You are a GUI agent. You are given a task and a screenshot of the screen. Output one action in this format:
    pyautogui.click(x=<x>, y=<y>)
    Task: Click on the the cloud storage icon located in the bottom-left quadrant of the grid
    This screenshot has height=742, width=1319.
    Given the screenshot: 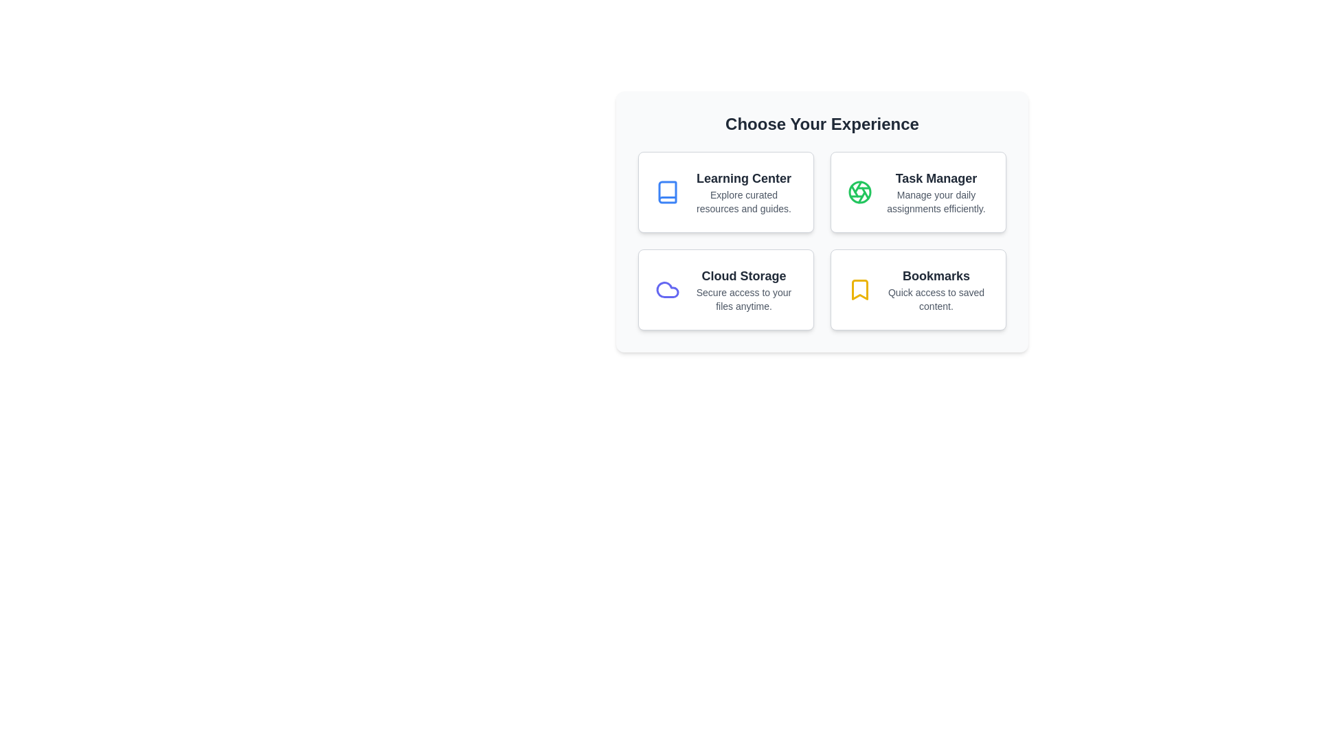 What is the action you would take?
    pyautogui.click(x=667, y=289)
    